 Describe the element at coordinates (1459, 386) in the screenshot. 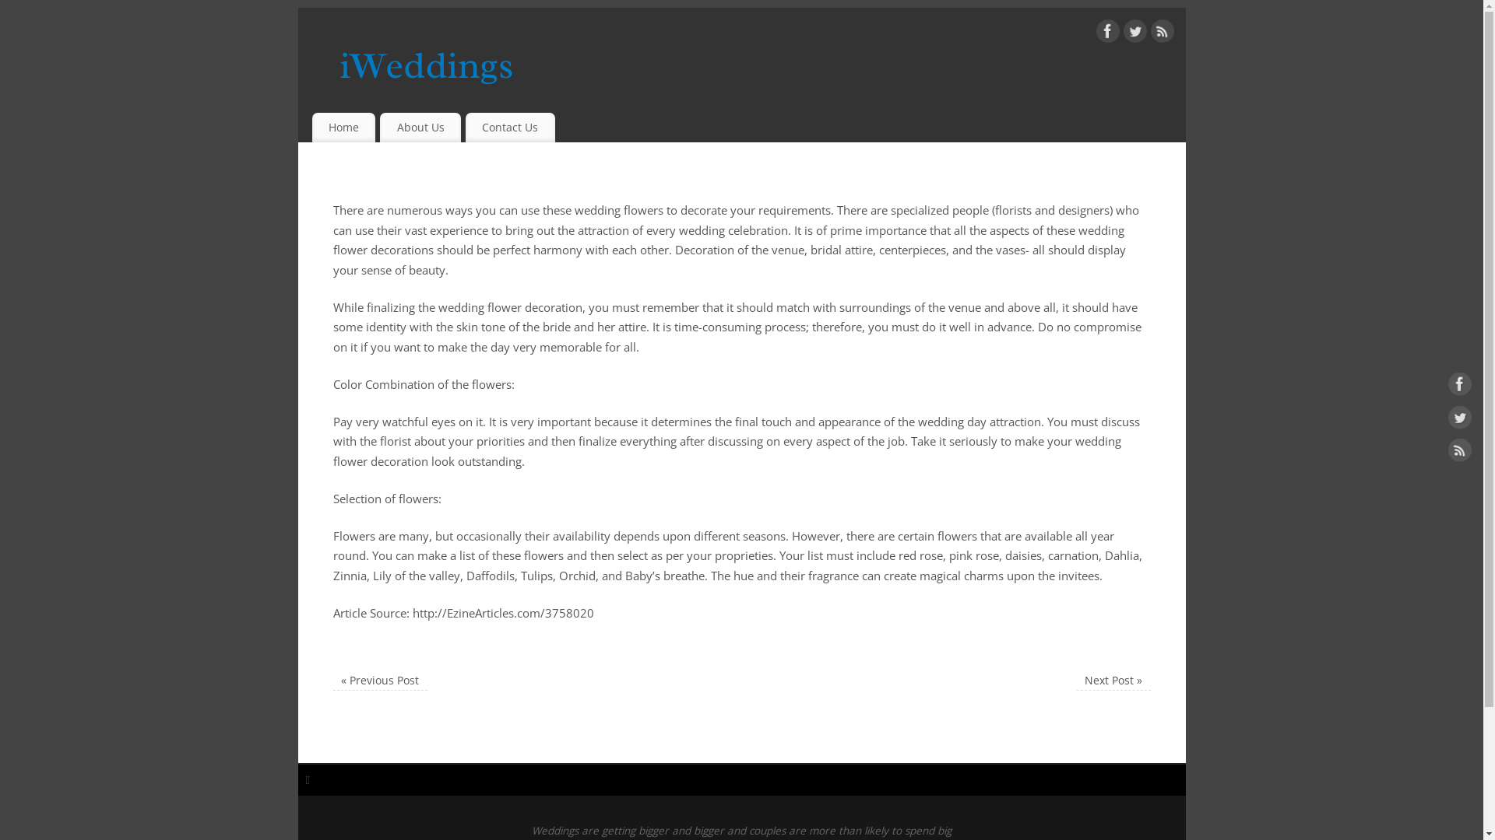

I see `'Facebook'` at that location.